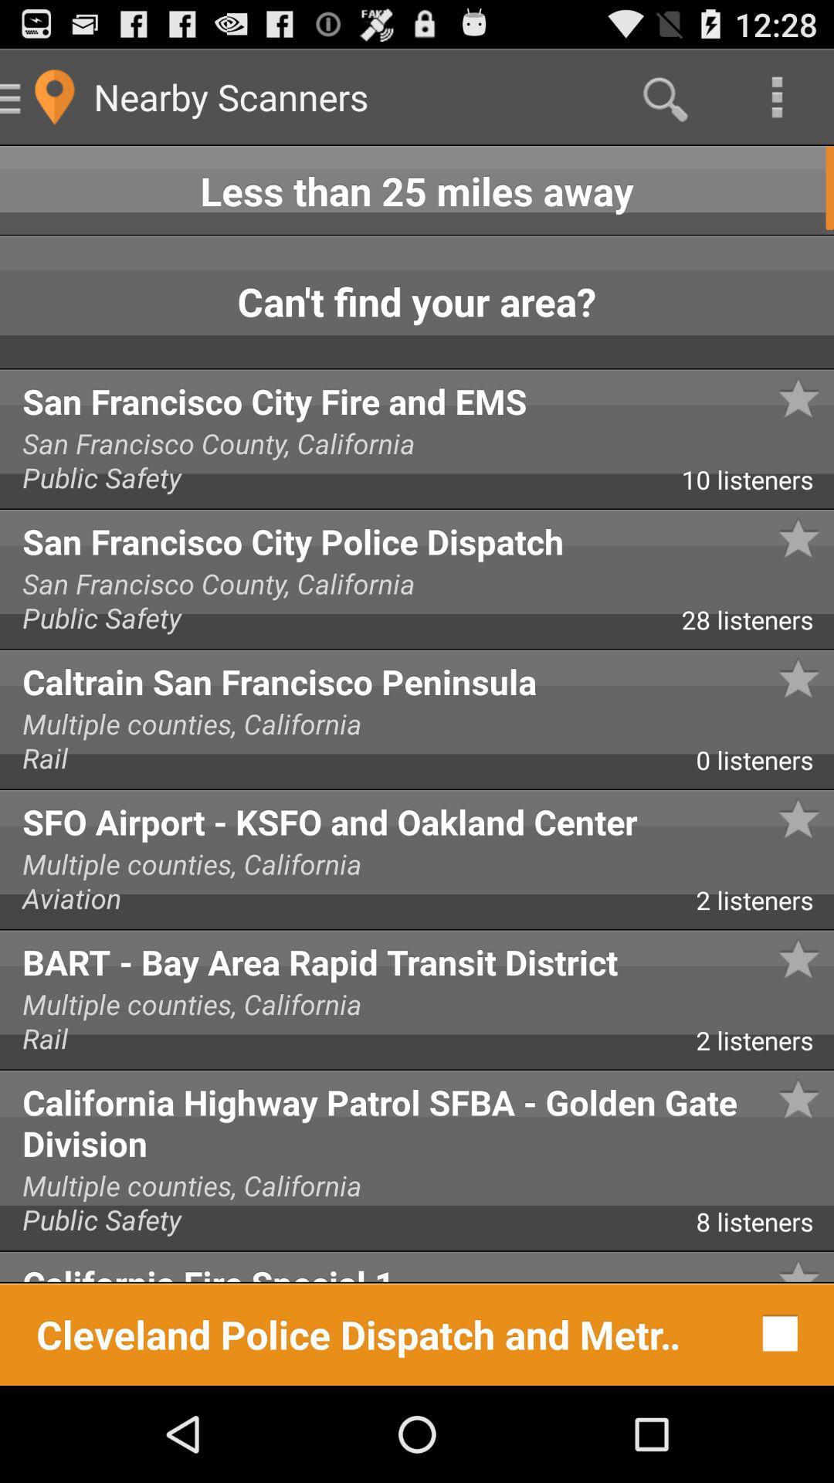 The height and width of the screenshot is (1483, 834). What do you see at coordinates (757, 484) in the screenshot?
I see `the 10 listeners item` at bounding box center [757, 484].